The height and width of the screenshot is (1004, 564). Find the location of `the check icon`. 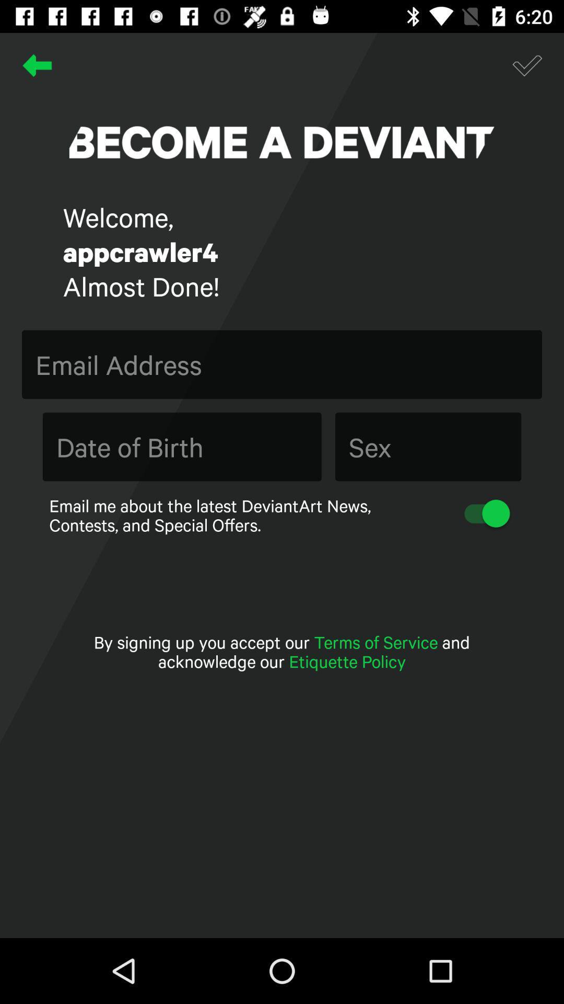

the check icon is located at coordinates (527, 65).